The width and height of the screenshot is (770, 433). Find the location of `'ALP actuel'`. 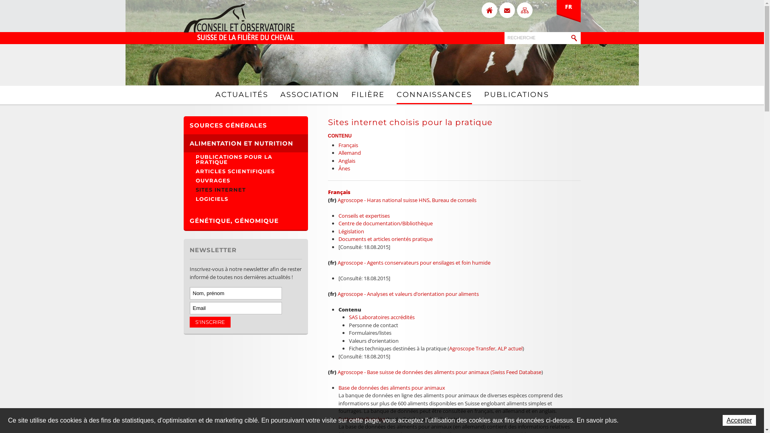

'ALP actuel' is located at coordinates (509, 348).